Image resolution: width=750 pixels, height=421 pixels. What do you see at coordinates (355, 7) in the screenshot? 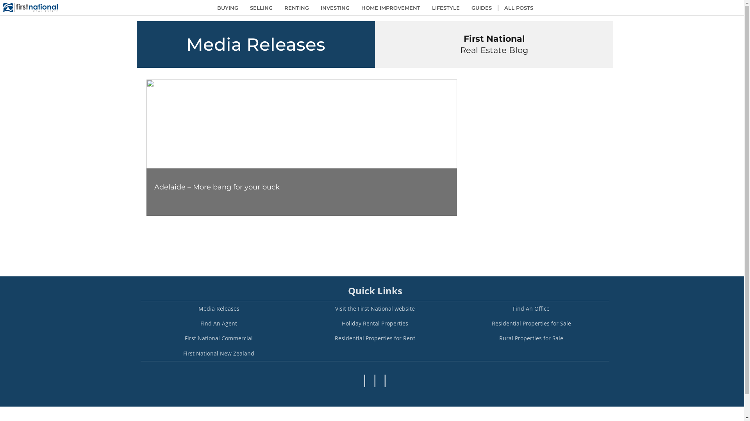
I see `'HOME IMPROVEMENT'` at bounding box center [355, 7].